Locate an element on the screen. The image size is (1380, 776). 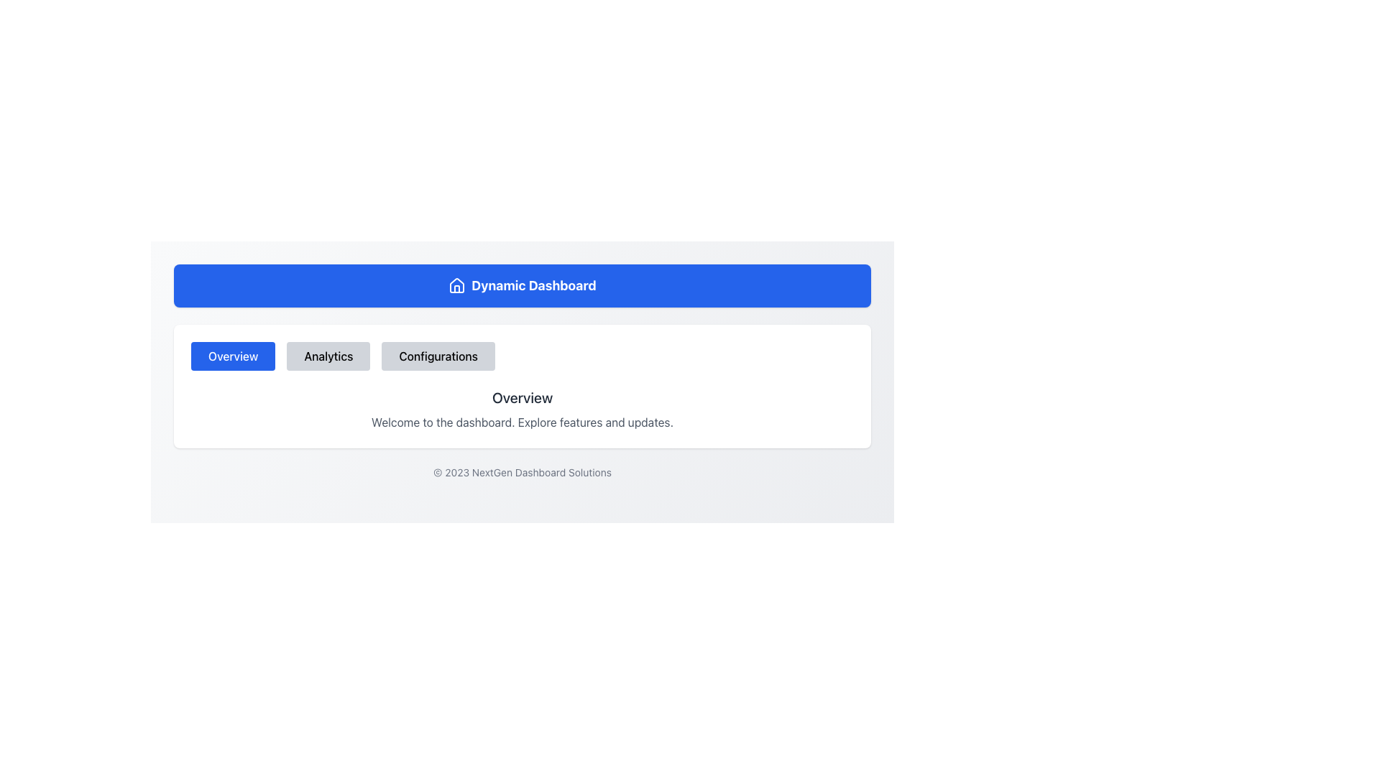
the 'Configurations' button, which is a light grey rectangular button with rounded corners containing the word 'Configurations' in black font, to change its background color is located at coordinates (438, 356).